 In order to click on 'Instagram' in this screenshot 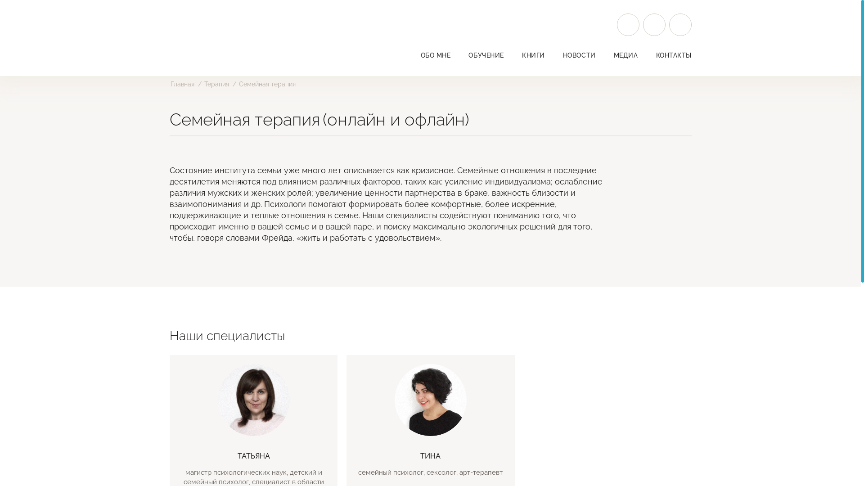, I will do `click(628, 24)`.